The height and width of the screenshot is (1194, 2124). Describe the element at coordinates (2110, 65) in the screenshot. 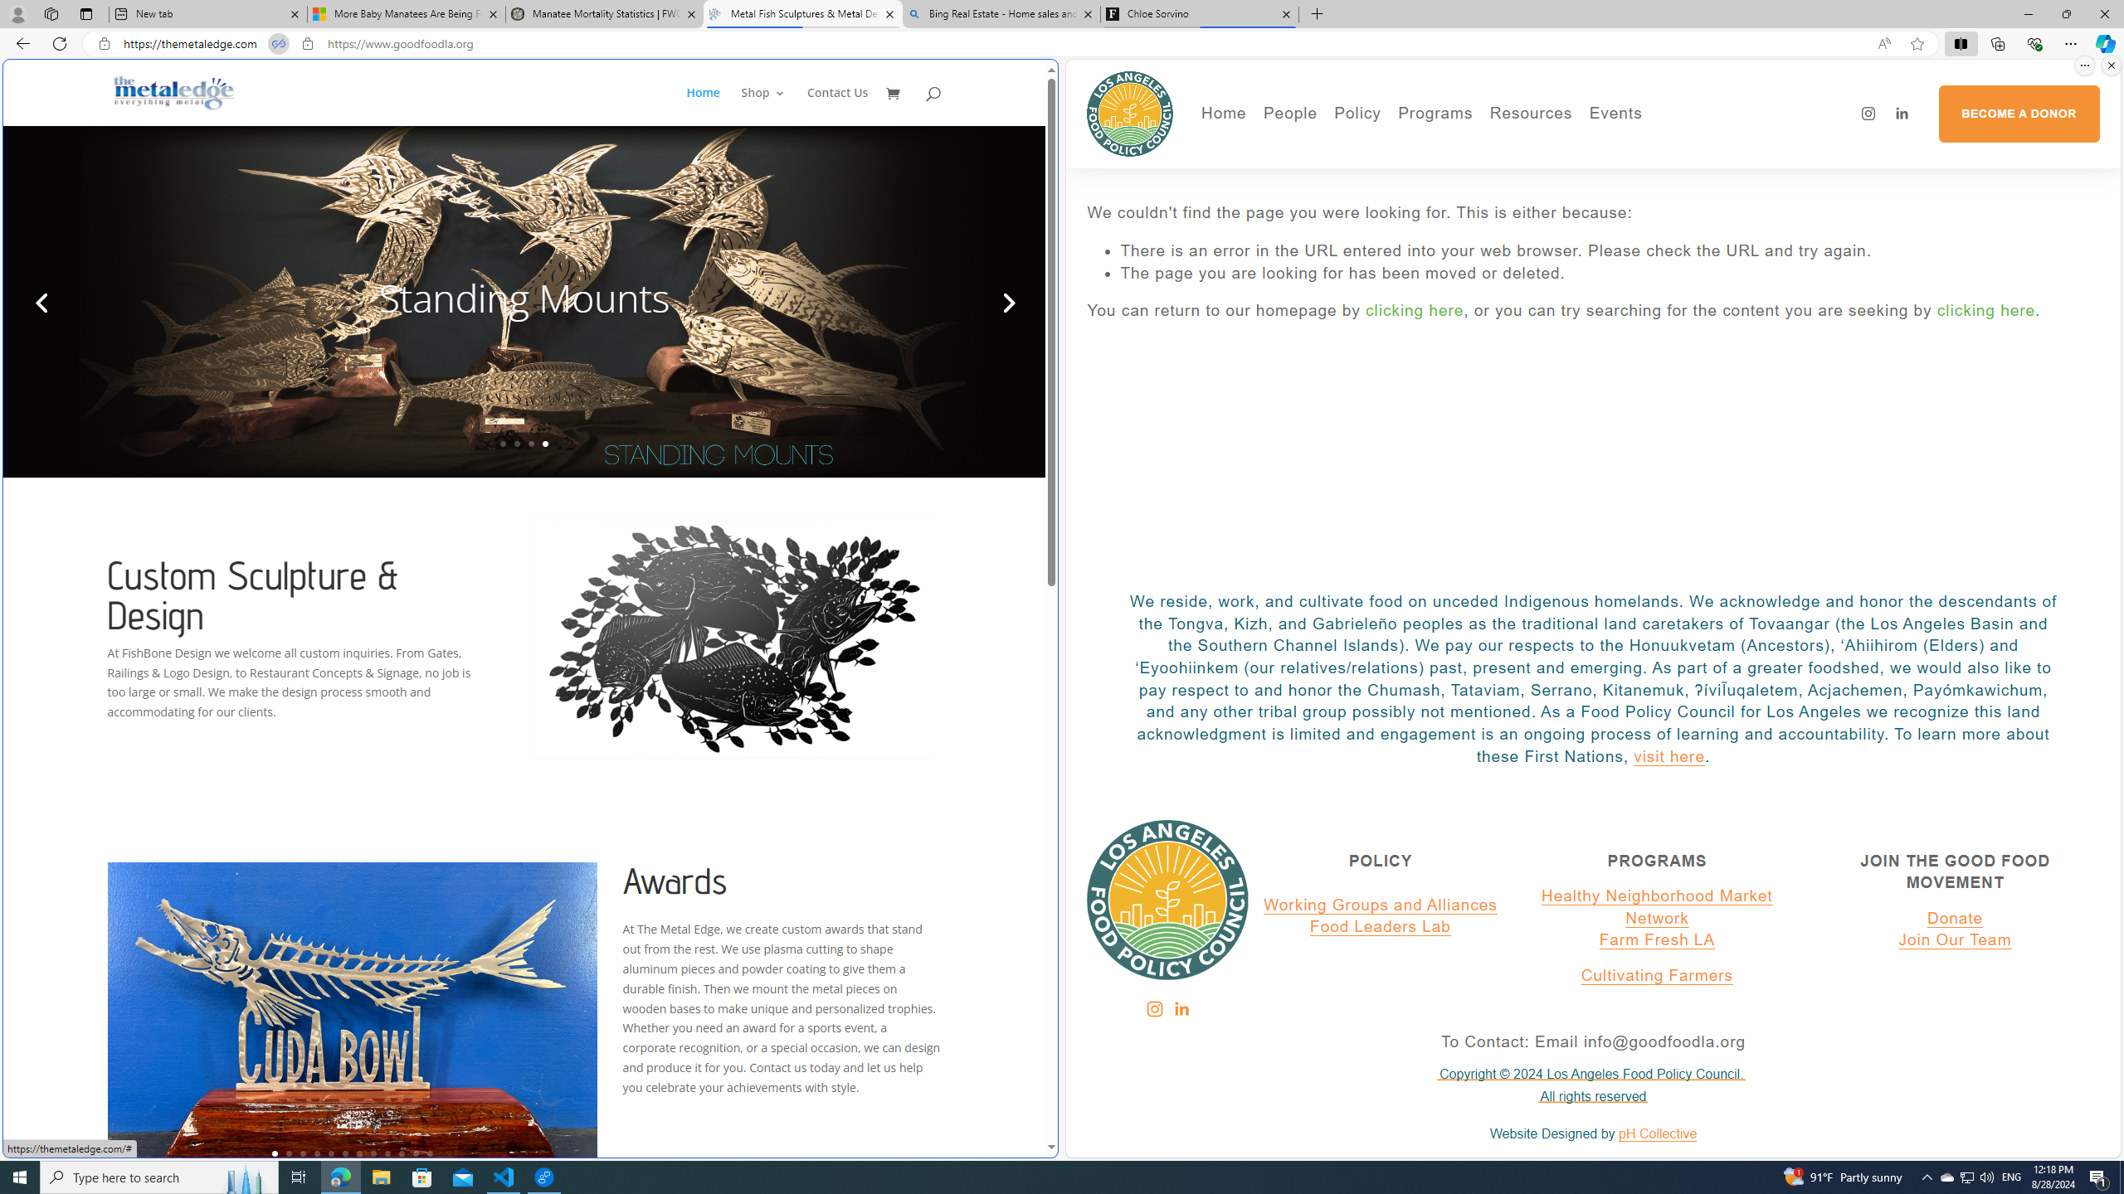

I see `'Close split screen.'` at that location.